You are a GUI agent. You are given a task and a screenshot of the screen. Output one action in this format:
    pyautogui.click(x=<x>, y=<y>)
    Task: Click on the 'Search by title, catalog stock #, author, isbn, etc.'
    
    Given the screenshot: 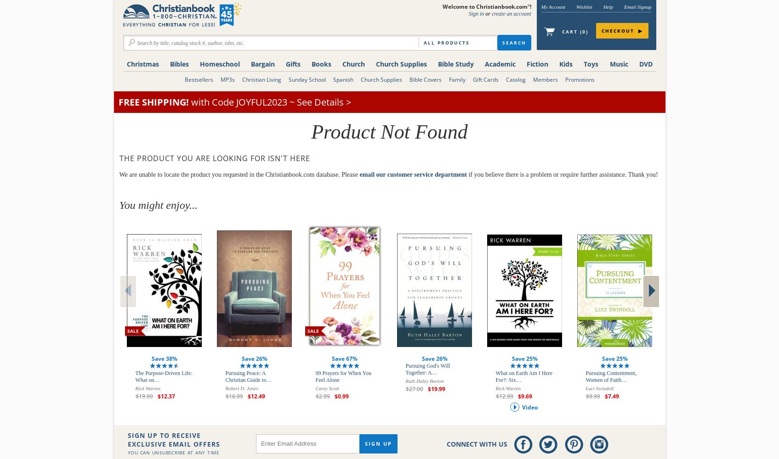 What is the action you would take?
    pyautogui.click(x=190, y=43)
    